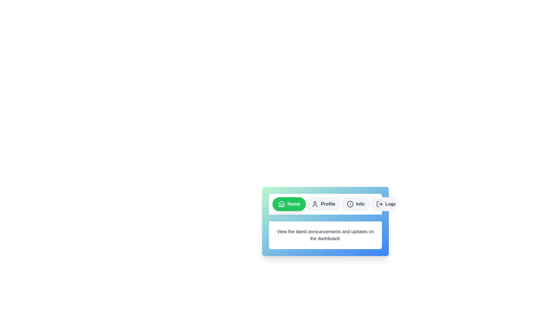 This screenshot has width=553, height=311. Describe the element at coordinates (325, 235) in the screenshot. I see `the text block that reads 'View the latest announcements and updates on the dashboard.' which is centered within a white-rounded rectangle below the navigation bar` at that location.